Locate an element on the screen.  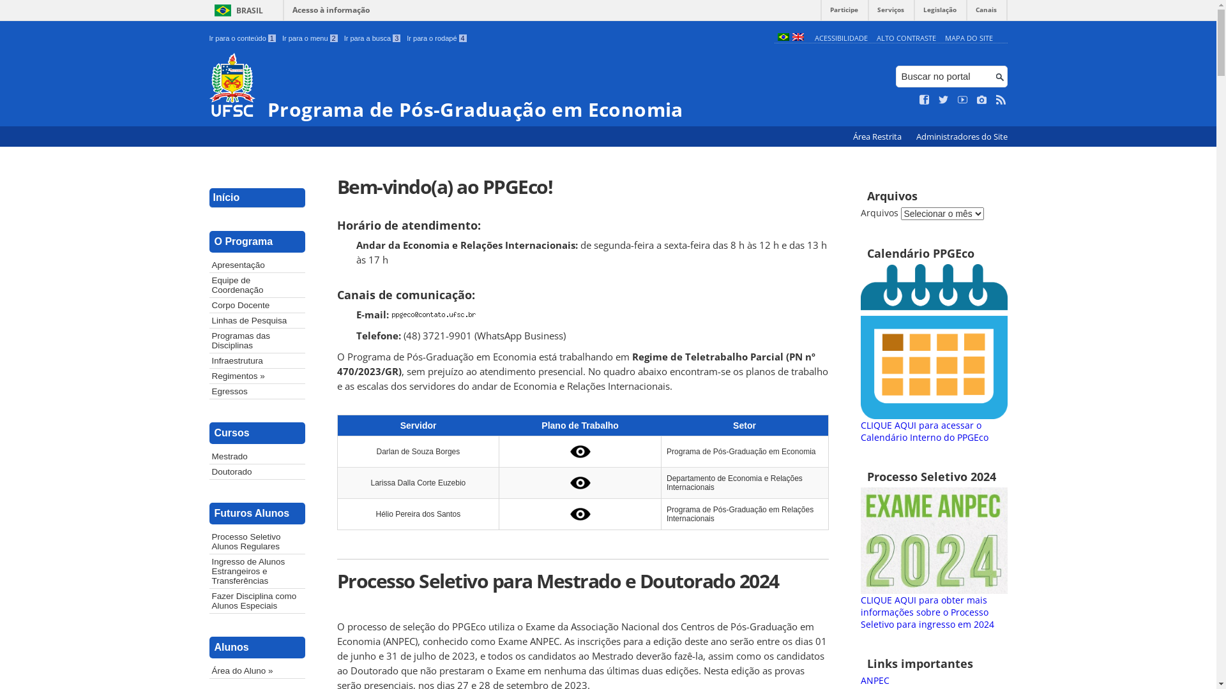
'ANPEC' is located at coordinates (874, 679).